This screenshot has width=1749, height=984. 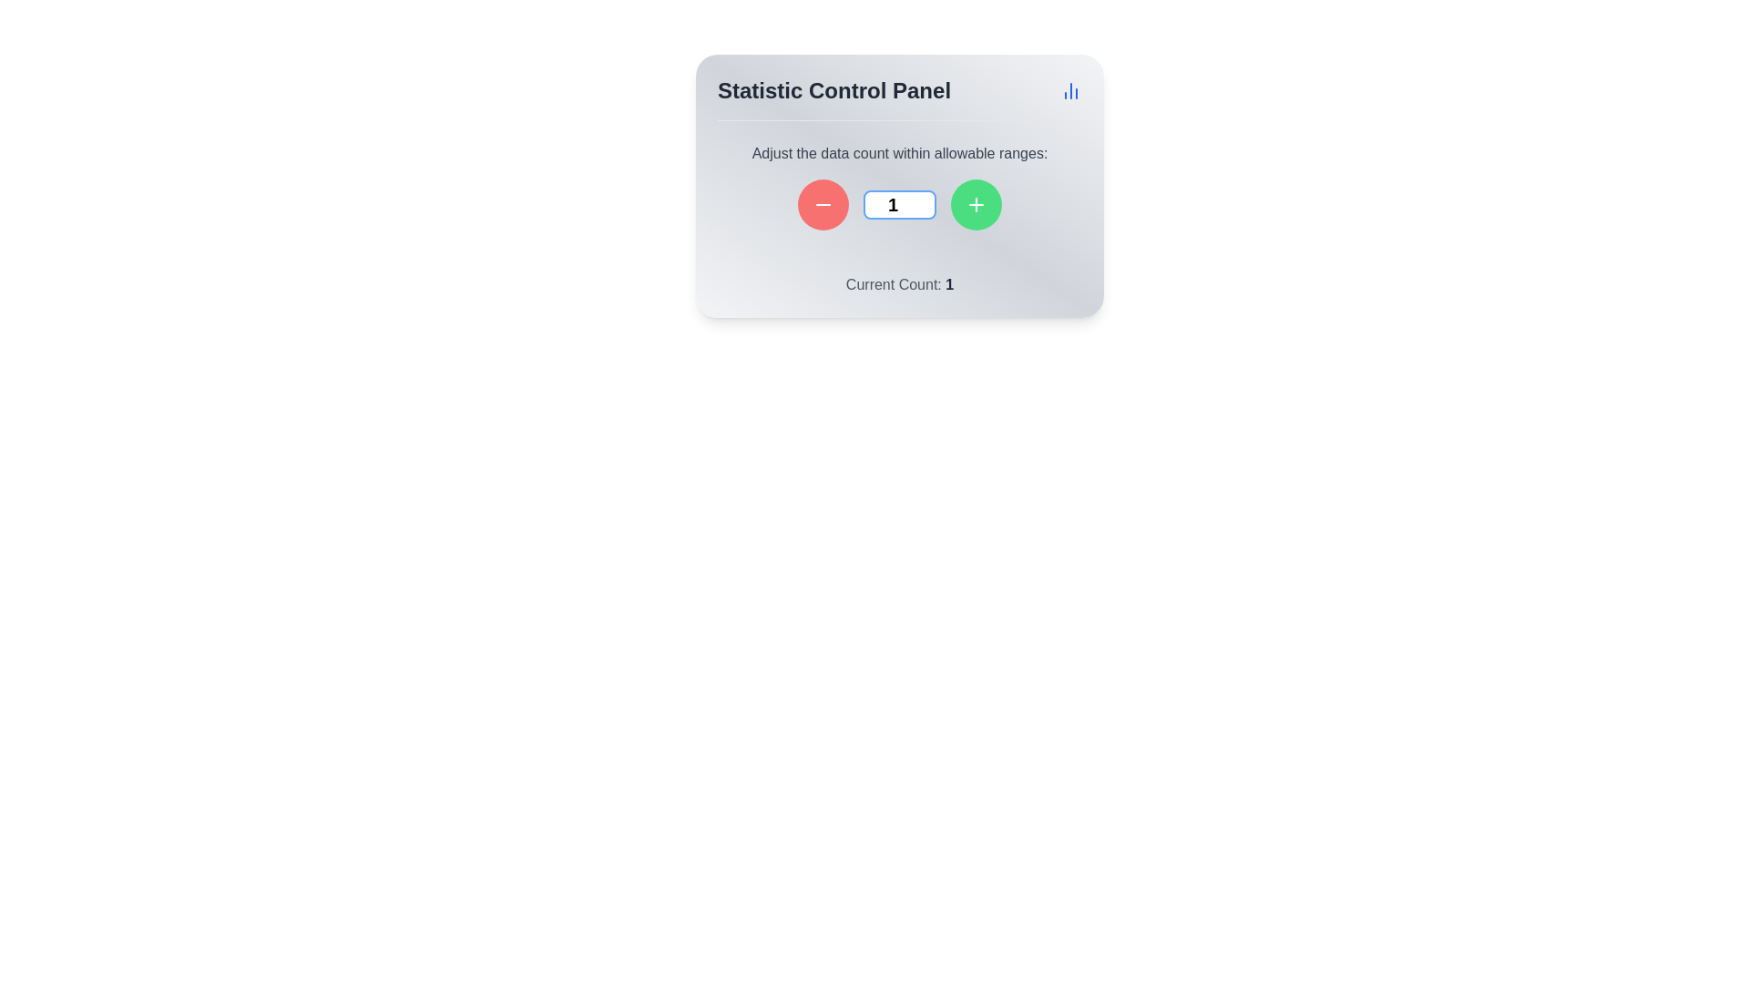 What do you see at coordinates (822, 204) in the screenshot?
I see `the minus icon element, which is a red circular button with a white horizontal line, located to the left of the numeric input field labeled '1'` at bounding box center [822, 204].